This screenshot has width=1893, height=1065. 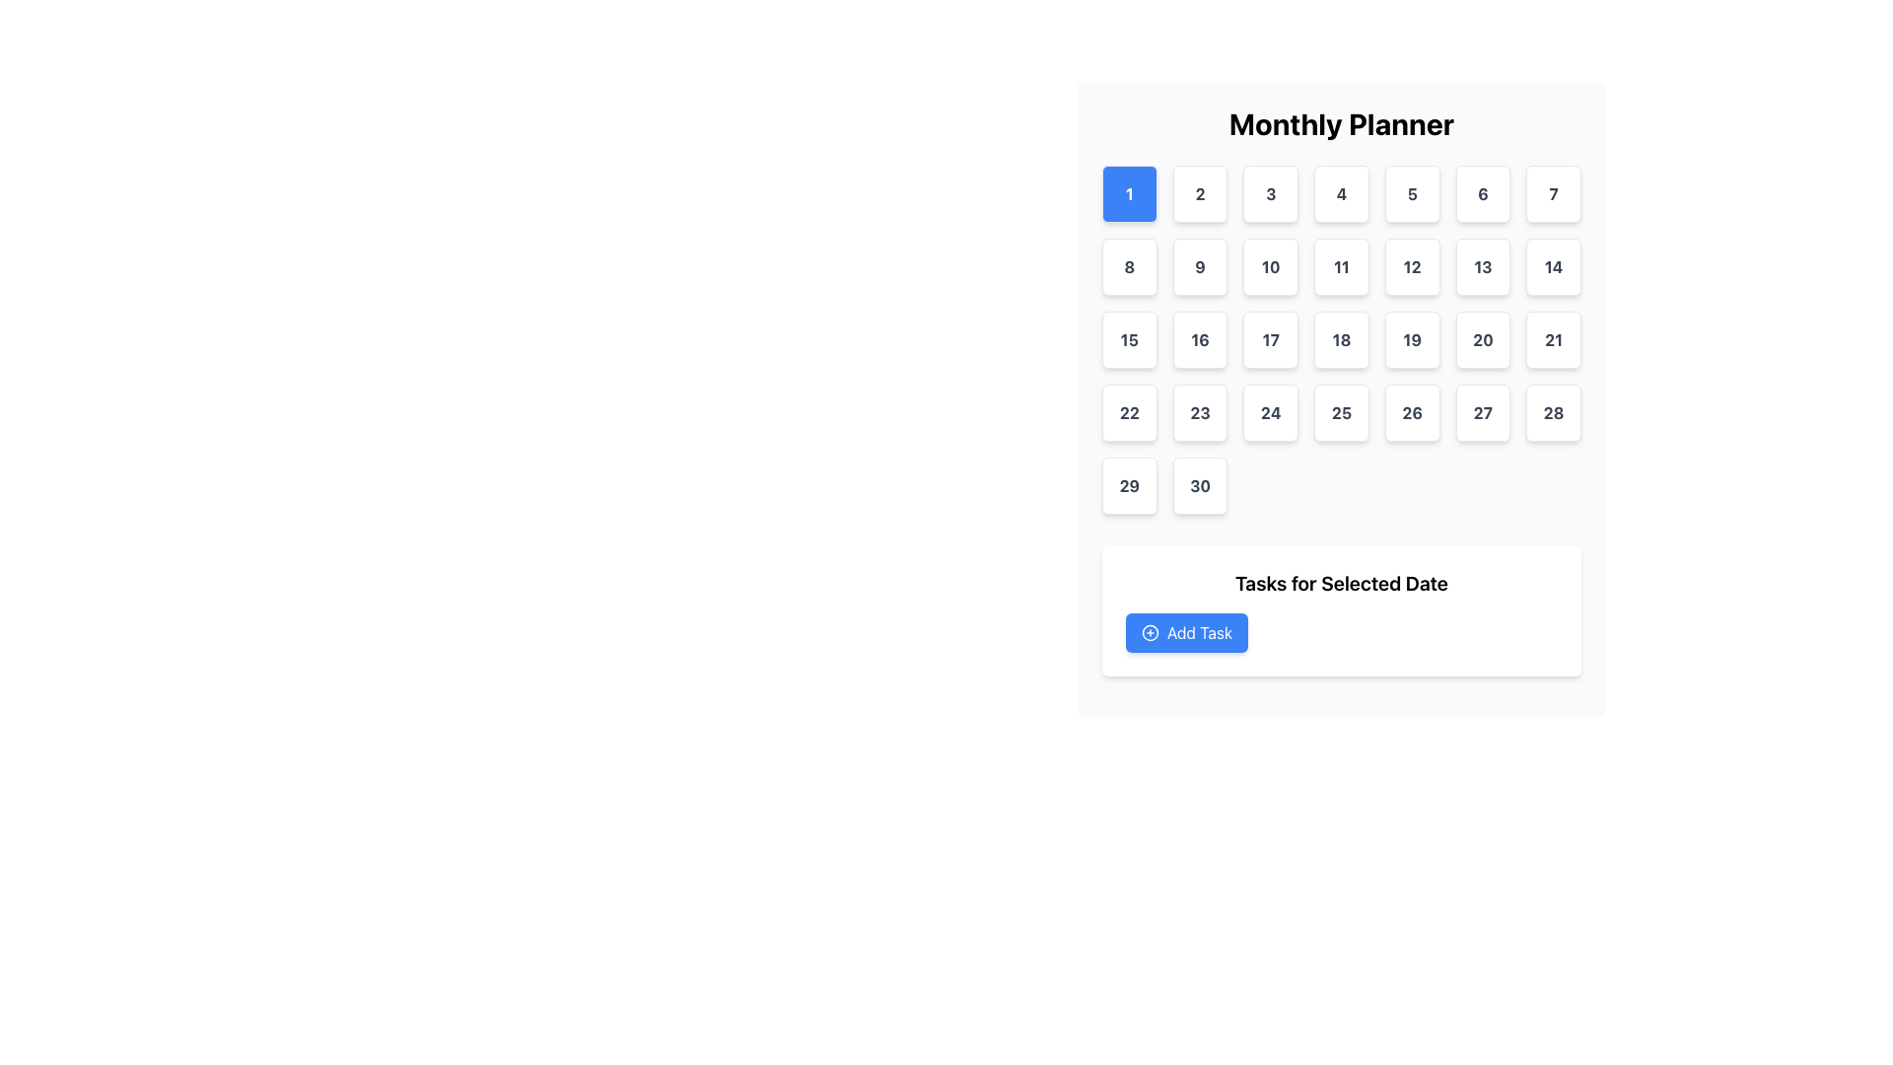 What do you see at coordinates (1271, 412) in the screenshot?
I see `the square-shaped calendar day cell displaying the number '24', which has a white background and rounded corners` at bounding box center [1271, 412].